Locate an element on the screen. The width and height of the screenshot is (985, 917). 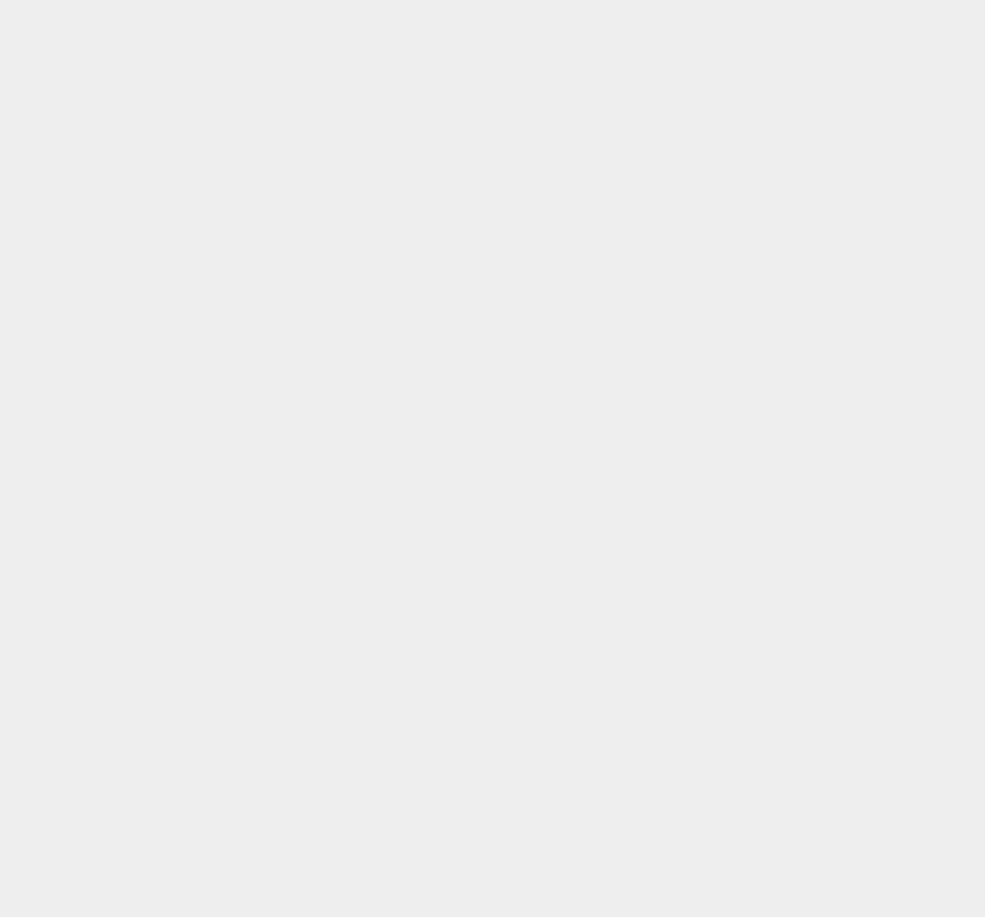
'Gifts' is located at coordinates (708, 431).